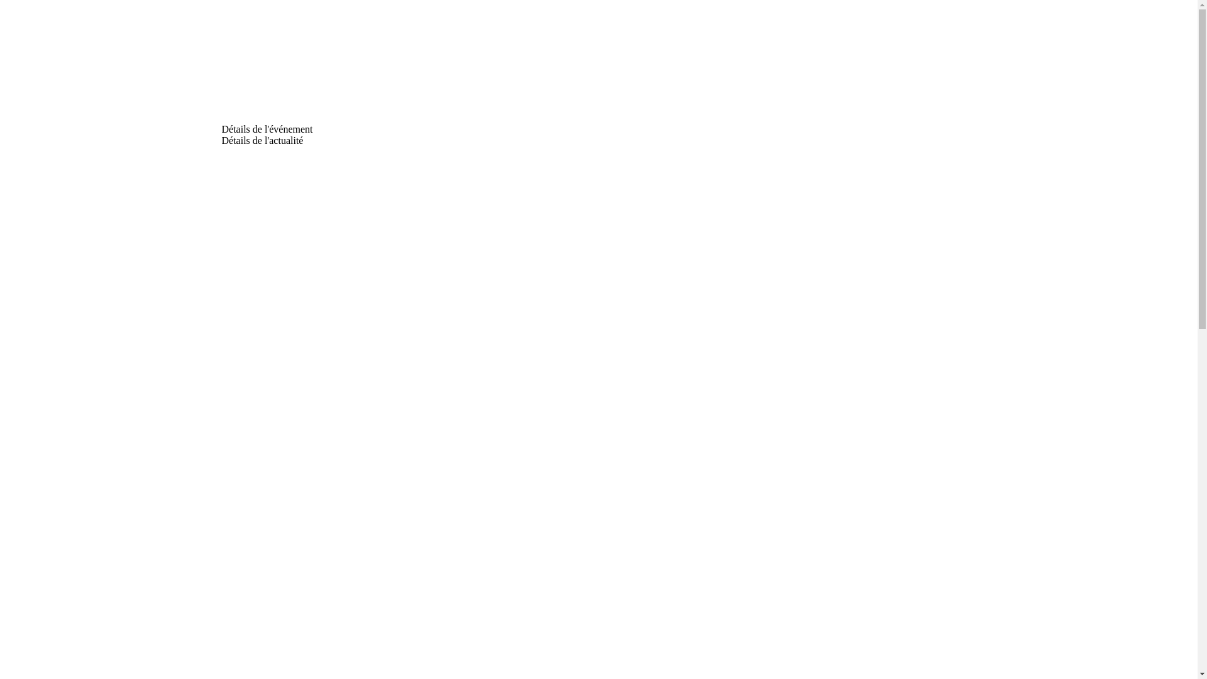  I want to click on 'Resist', so click(266, 64).